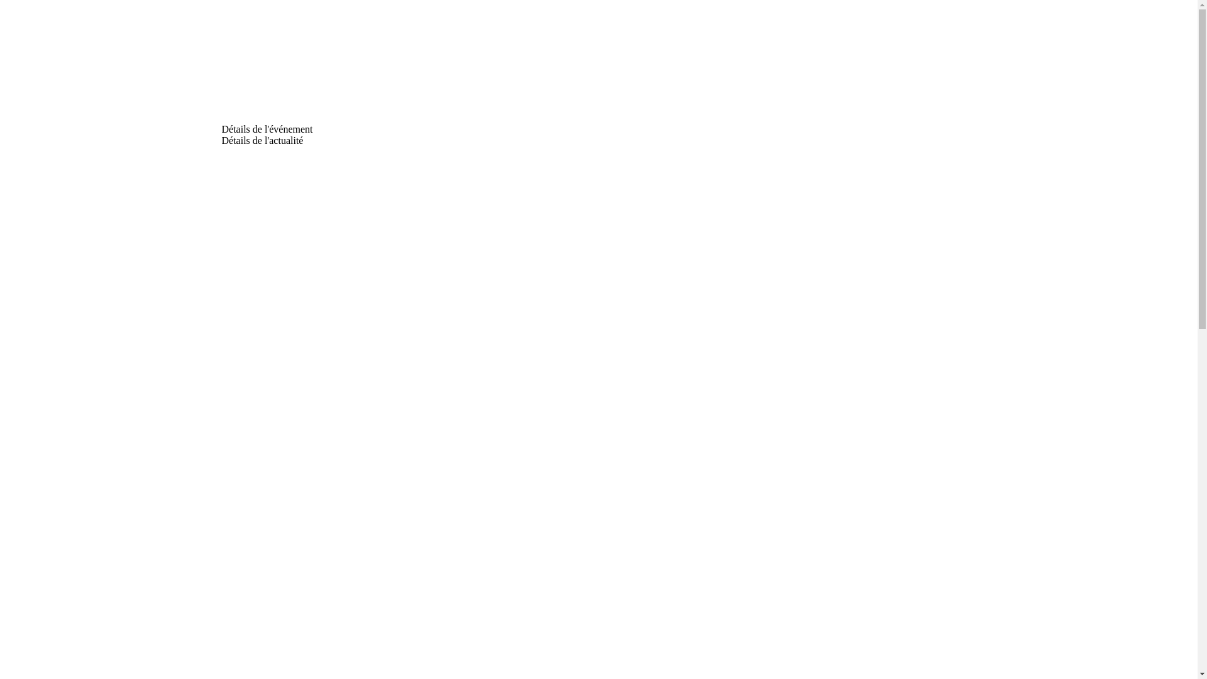  I want to click on 'Resist', so click(266, 64).